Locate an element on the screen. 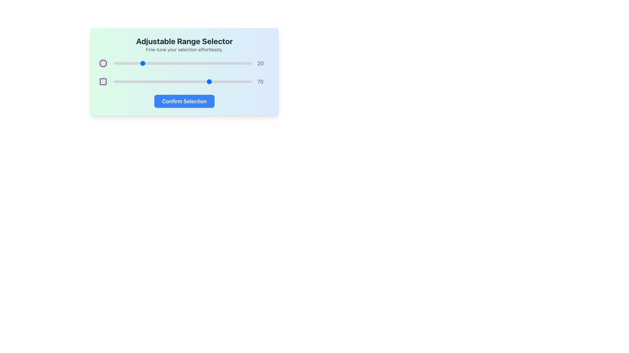 This screenshot has height=353, width=629. the slider value is located at coordinates (146, 81).